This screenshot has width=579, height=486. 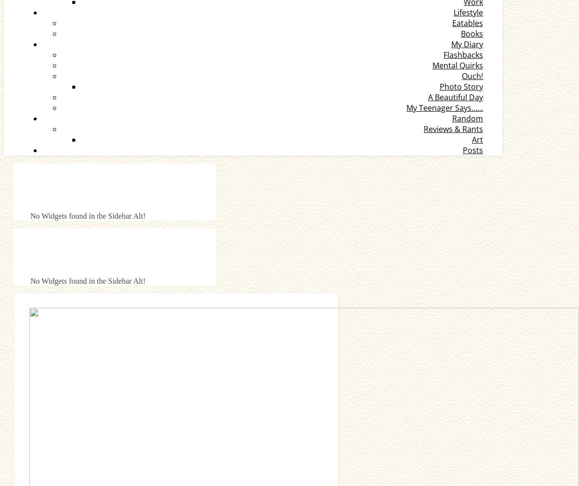 What do you see at coordinates (468, 118) in the screenshot?
I see `'Random'` at bounding box center [468, 118].